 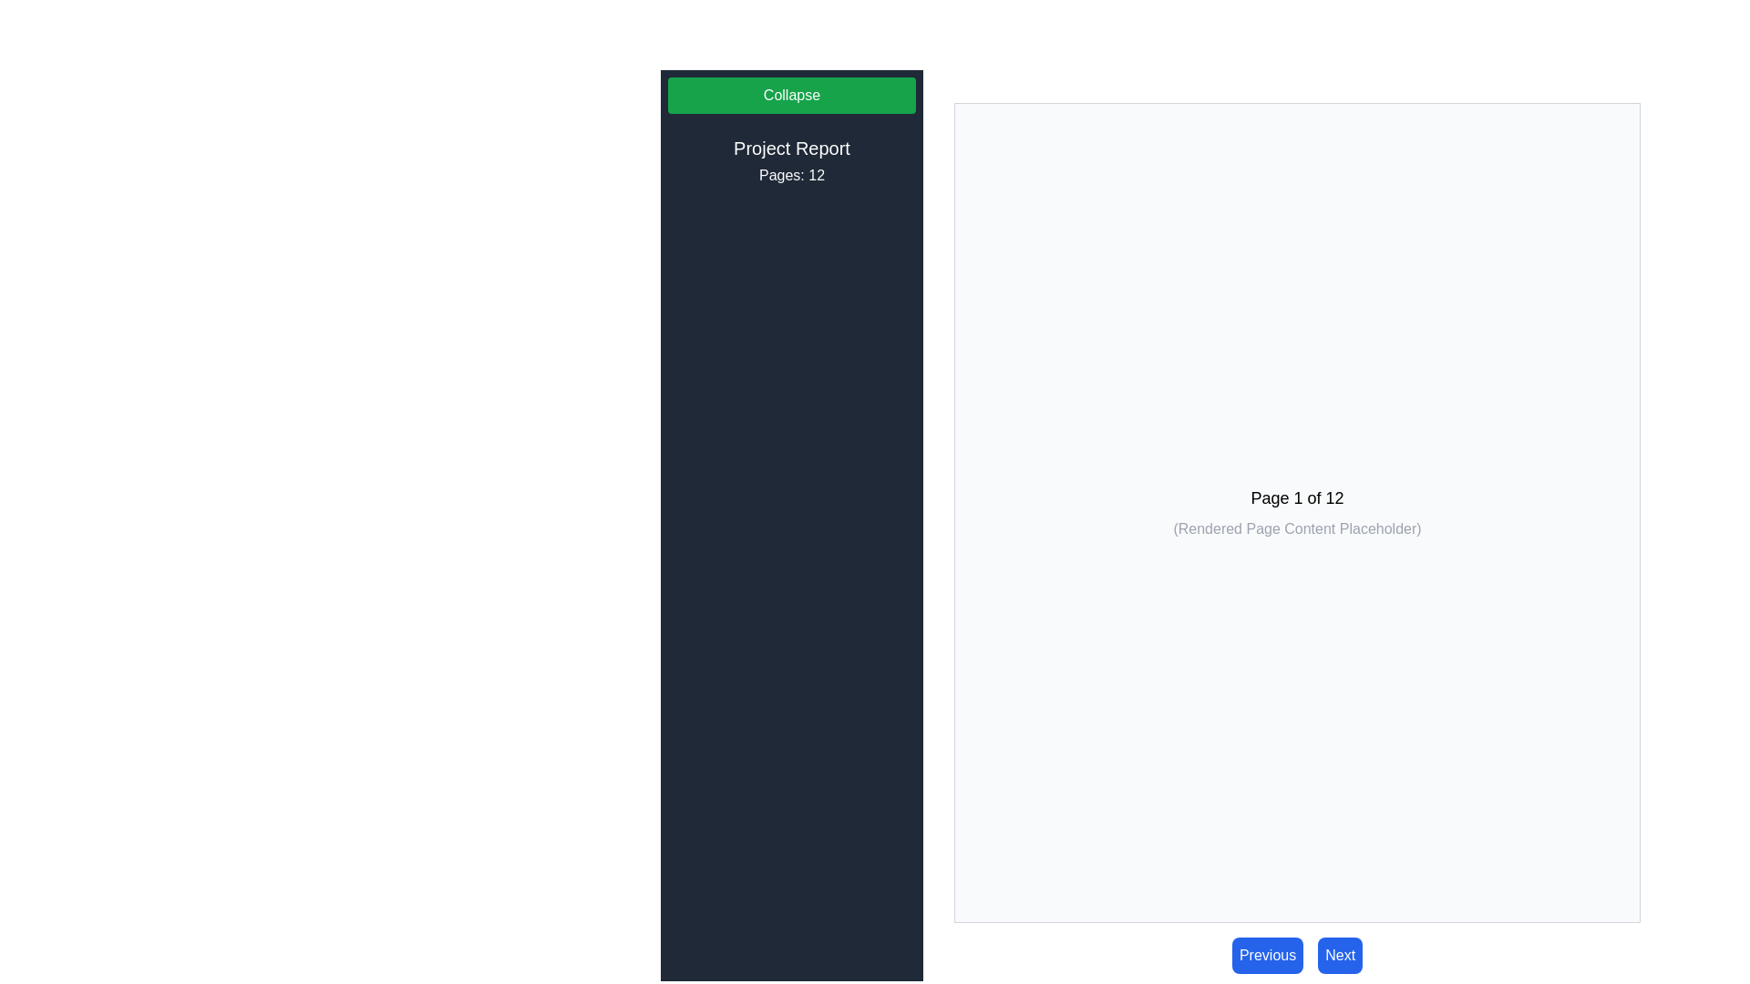 What do you see at coordinates (1296, 955) in the screenshot?
I see `the 'Previous' button in the grouped button navigation control, which has a blue background and white text` at bounding box center [1296, 955].